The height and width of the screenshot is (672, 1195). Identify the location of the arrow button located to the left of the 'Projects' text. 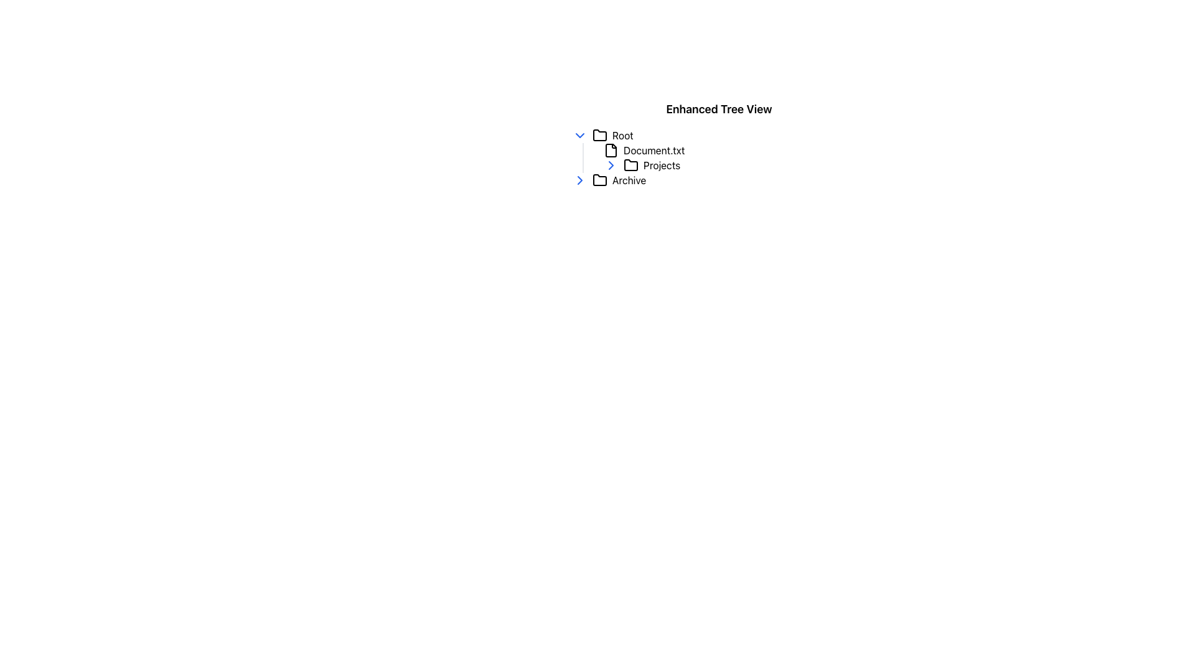
(611, 165).